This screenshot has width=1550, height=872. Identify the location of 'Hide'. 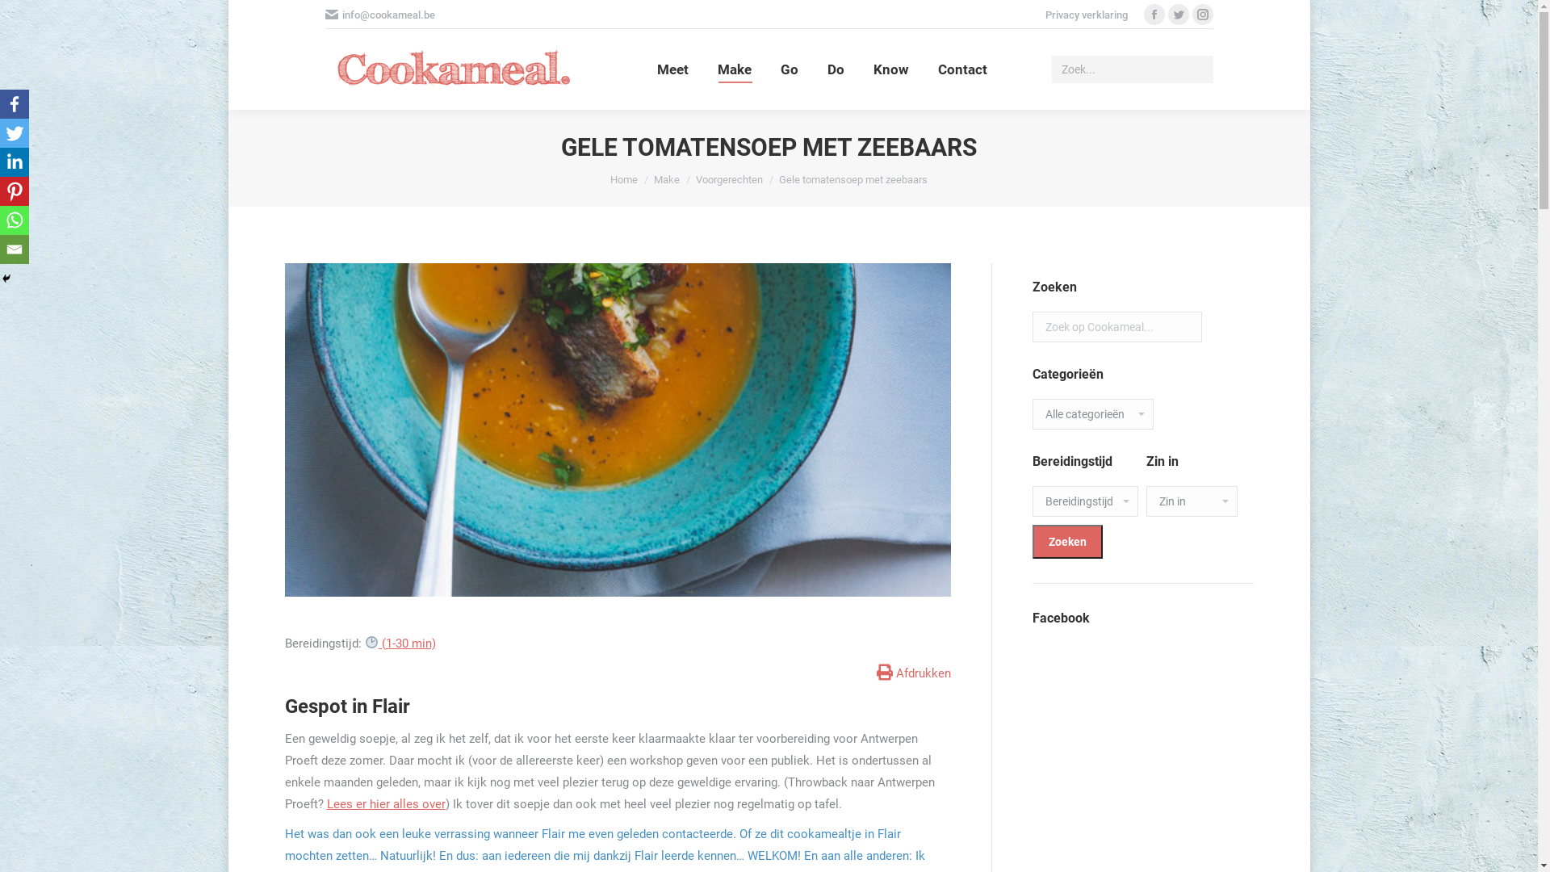
(0, 277).